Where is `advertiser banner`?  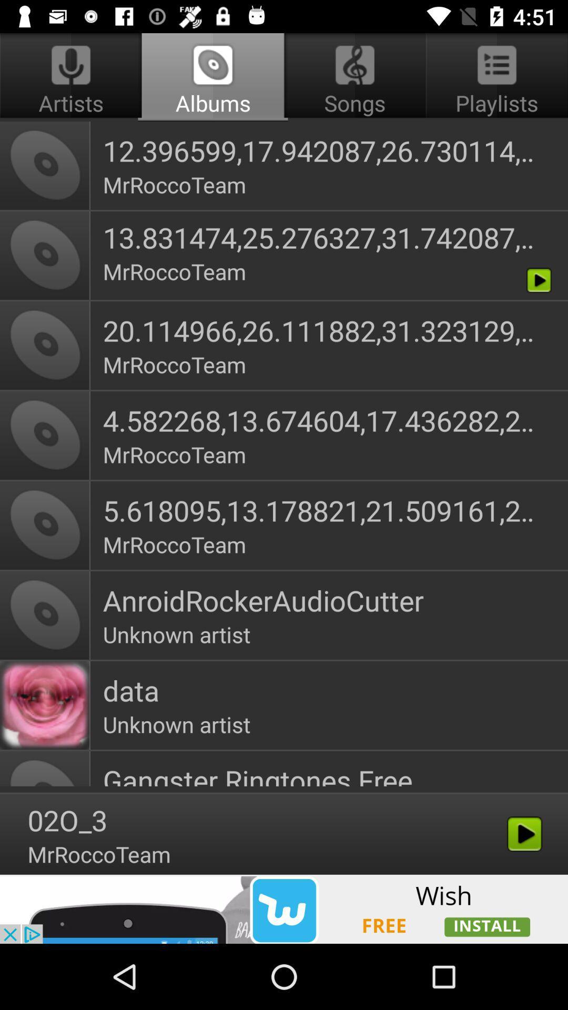
advertiser banner is located at coordinates (284, 908).